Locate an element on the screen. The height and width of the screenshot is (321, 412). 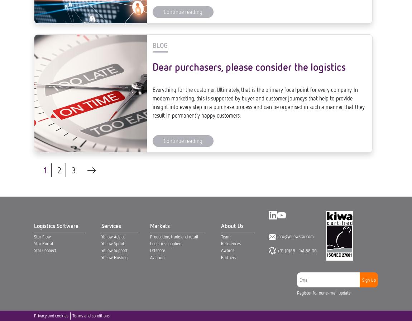
'Awards' is located at coordinates (227, 8).